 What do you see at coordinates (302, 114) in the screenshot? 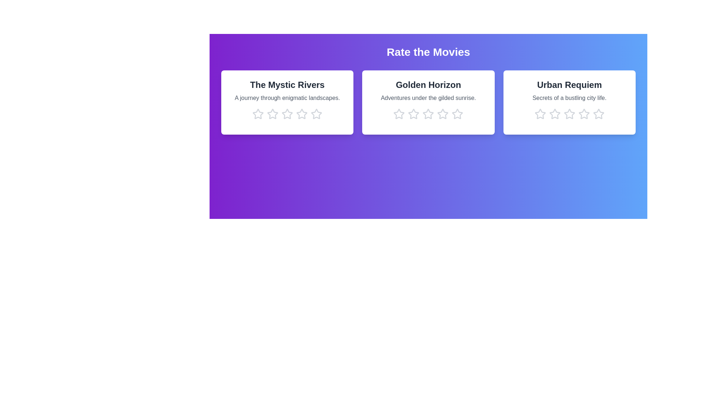
I see `the star corresponding to 4 stars in the movie card titled 'The Mystic Rivers'` at bounding box center [302, 114].